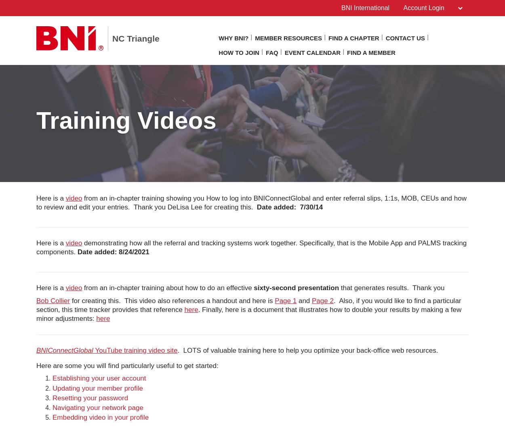  Describe the element at coordinates (285, 300) in the screenshot. I see `'Page 1'` at that location.